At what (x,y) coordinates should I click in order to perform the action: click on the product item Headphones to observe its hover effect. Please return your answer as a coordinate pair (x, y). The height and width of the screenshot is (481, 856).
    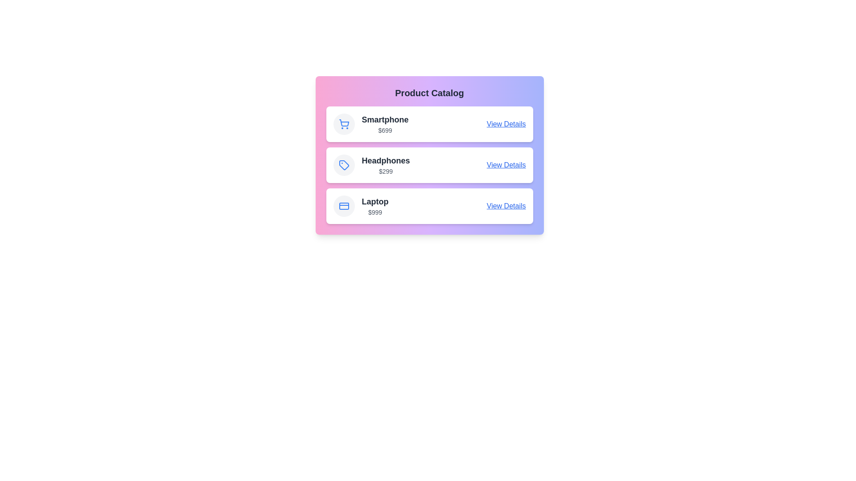
    Looking at the image, I should click on (429, 165).